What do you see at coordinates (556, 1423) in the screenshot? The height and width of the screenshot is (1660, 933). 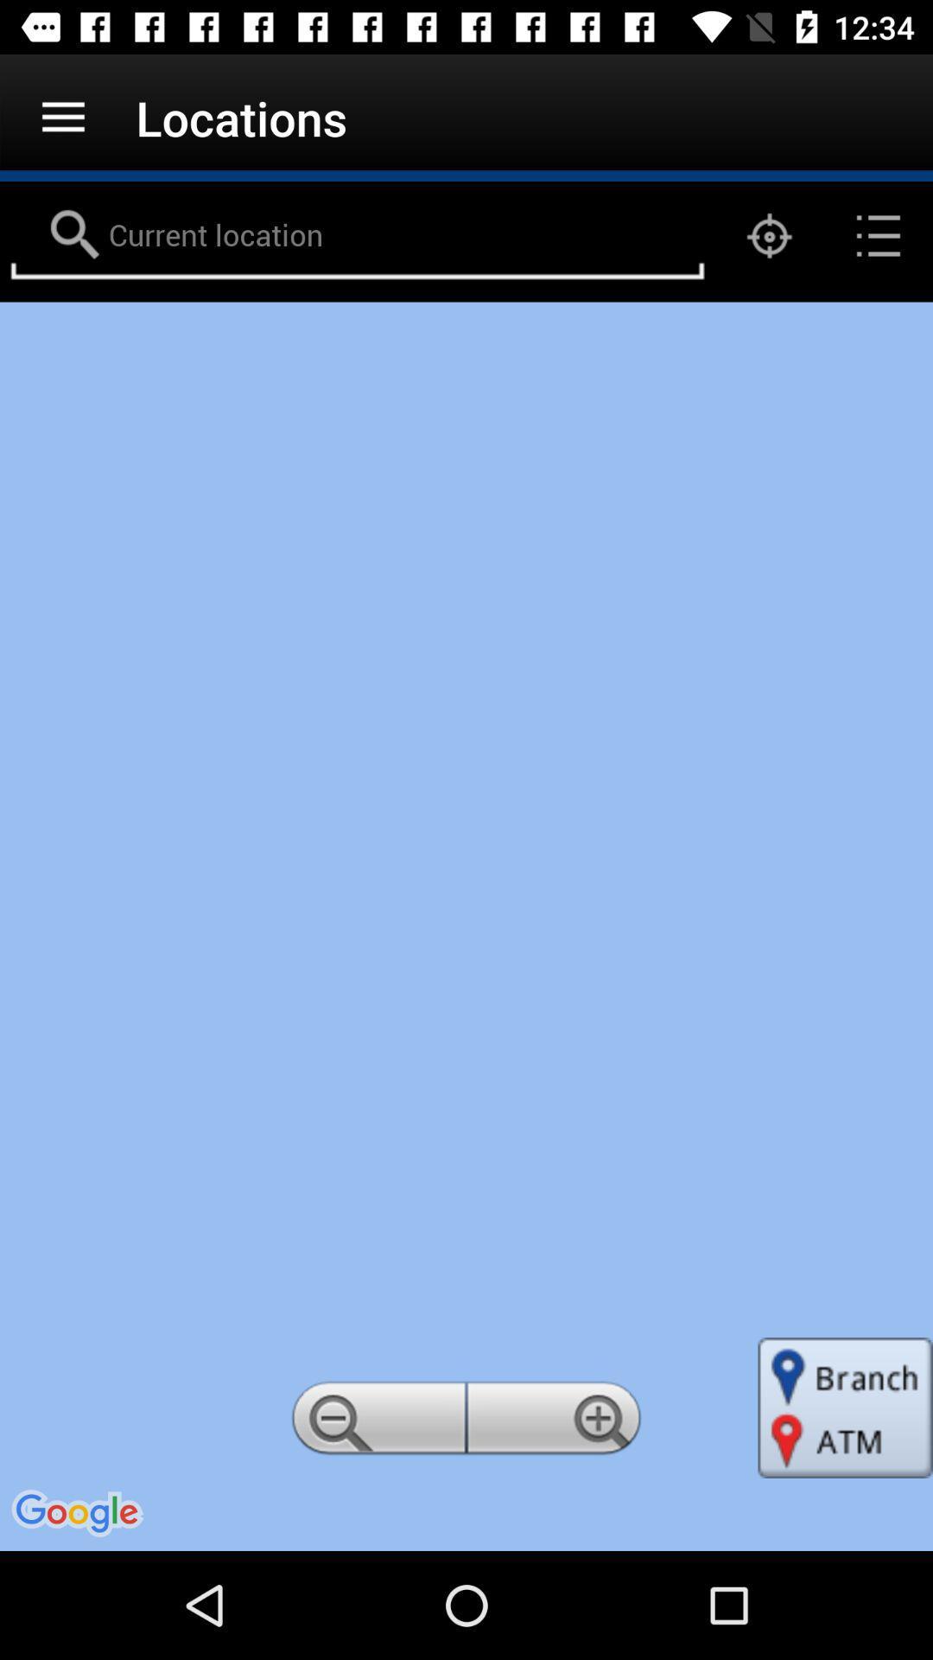 I see `maximize` at bounding box center [556, 1423].